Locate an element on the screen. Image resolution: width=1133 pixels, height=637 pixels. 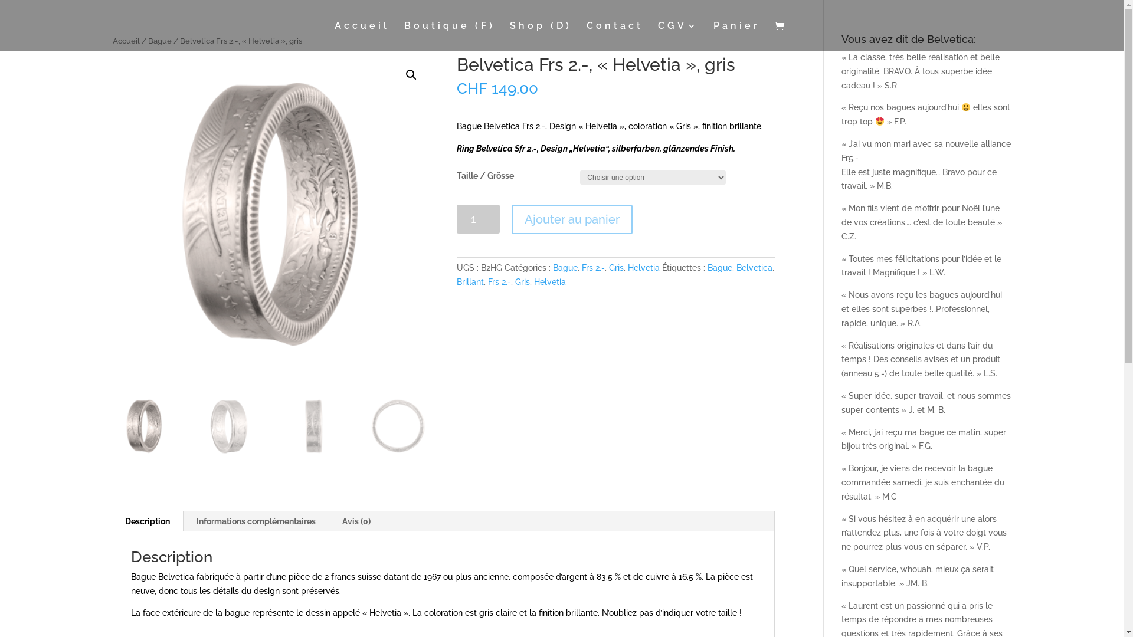
'Shop (D)' is located at coordinates (510, 35).